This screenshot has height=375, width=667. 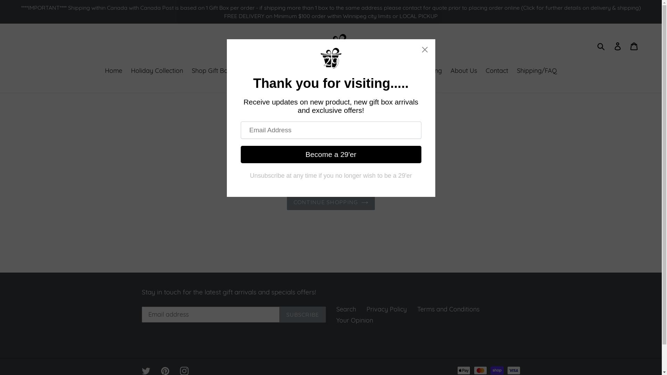 I want to click on 'Privacy Policy', so click(x=386, y=309).